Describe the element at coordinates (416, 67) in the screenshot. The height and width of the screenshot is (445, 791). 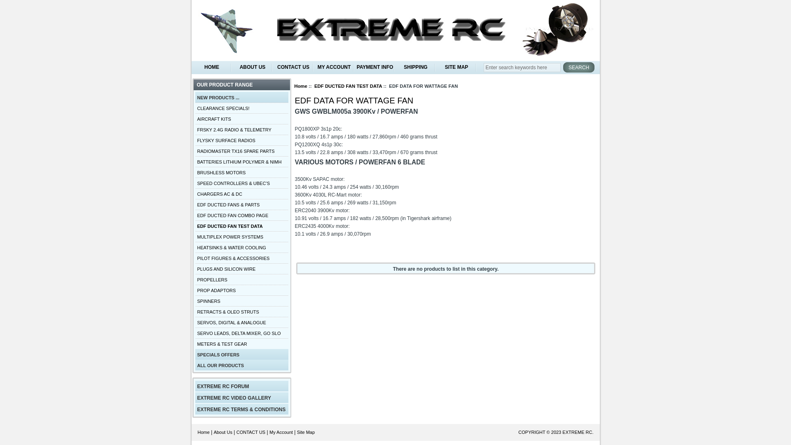
I see `'SHIPPING'` at that location.